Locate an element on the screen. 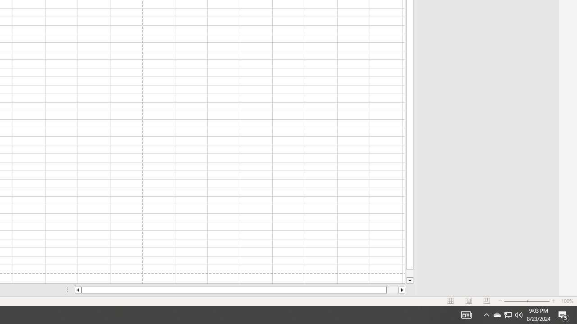  'Column right' is located at coordinates (402, 290).